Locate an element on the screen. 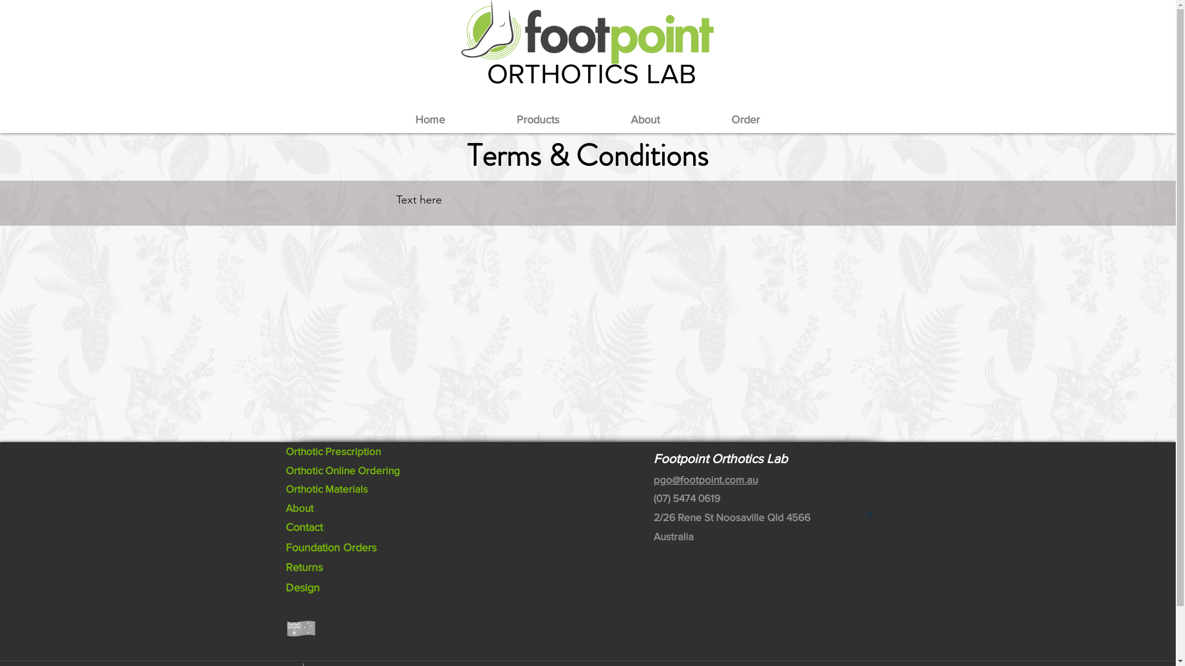  'Orthotic Online Ordering' is located at coordinates (342, 470).